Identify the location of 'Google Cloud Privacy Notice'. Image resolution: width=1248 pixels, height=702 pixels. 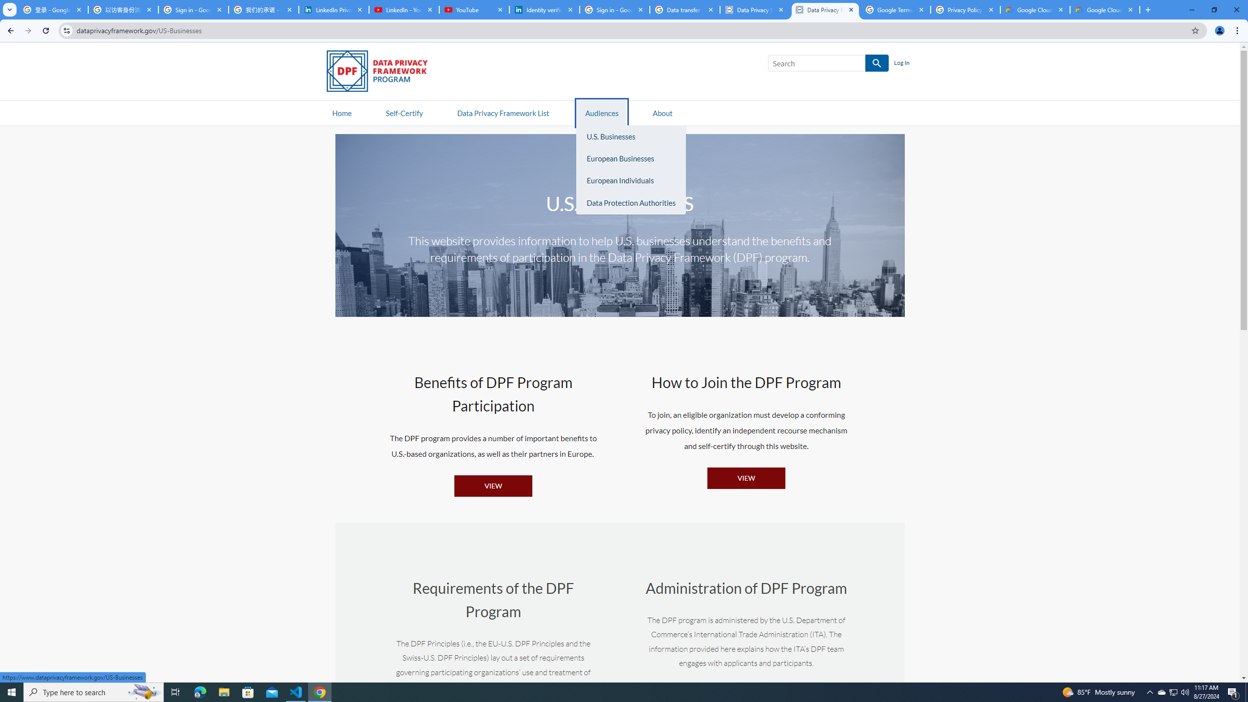
(1035, 9).